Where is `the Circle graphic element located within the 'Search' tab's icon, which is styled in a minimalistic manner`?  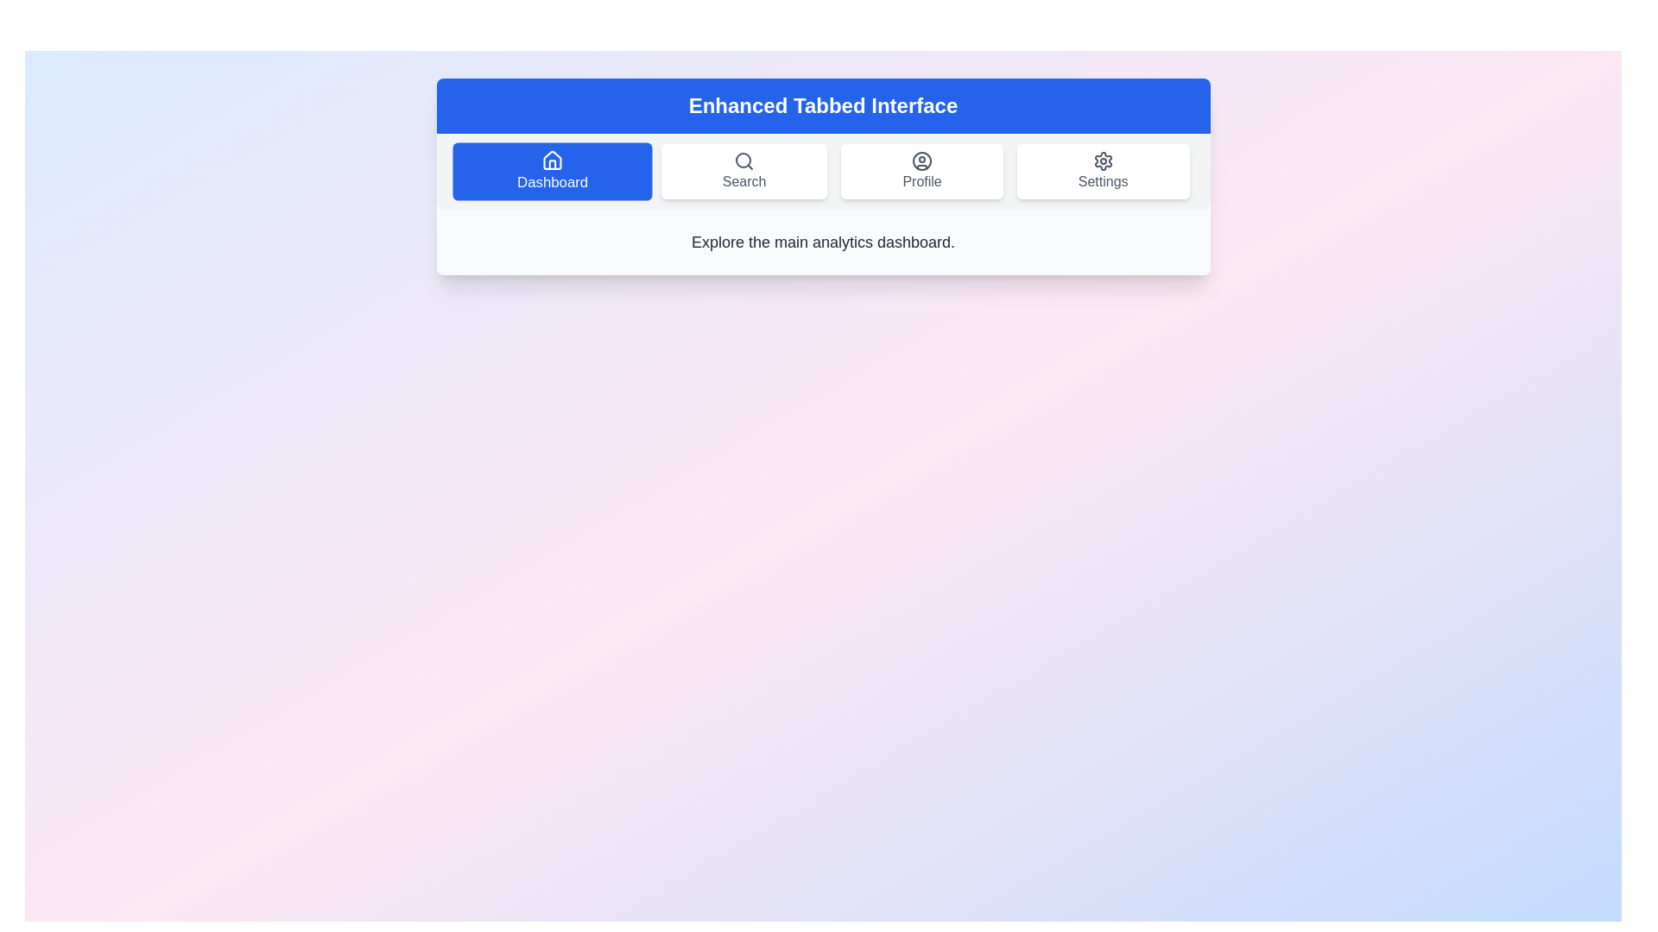
the Circle graphic element located within the 'Search' tab's icon, which is styled in a minimalistic manner is located at coordinates (744, 160).